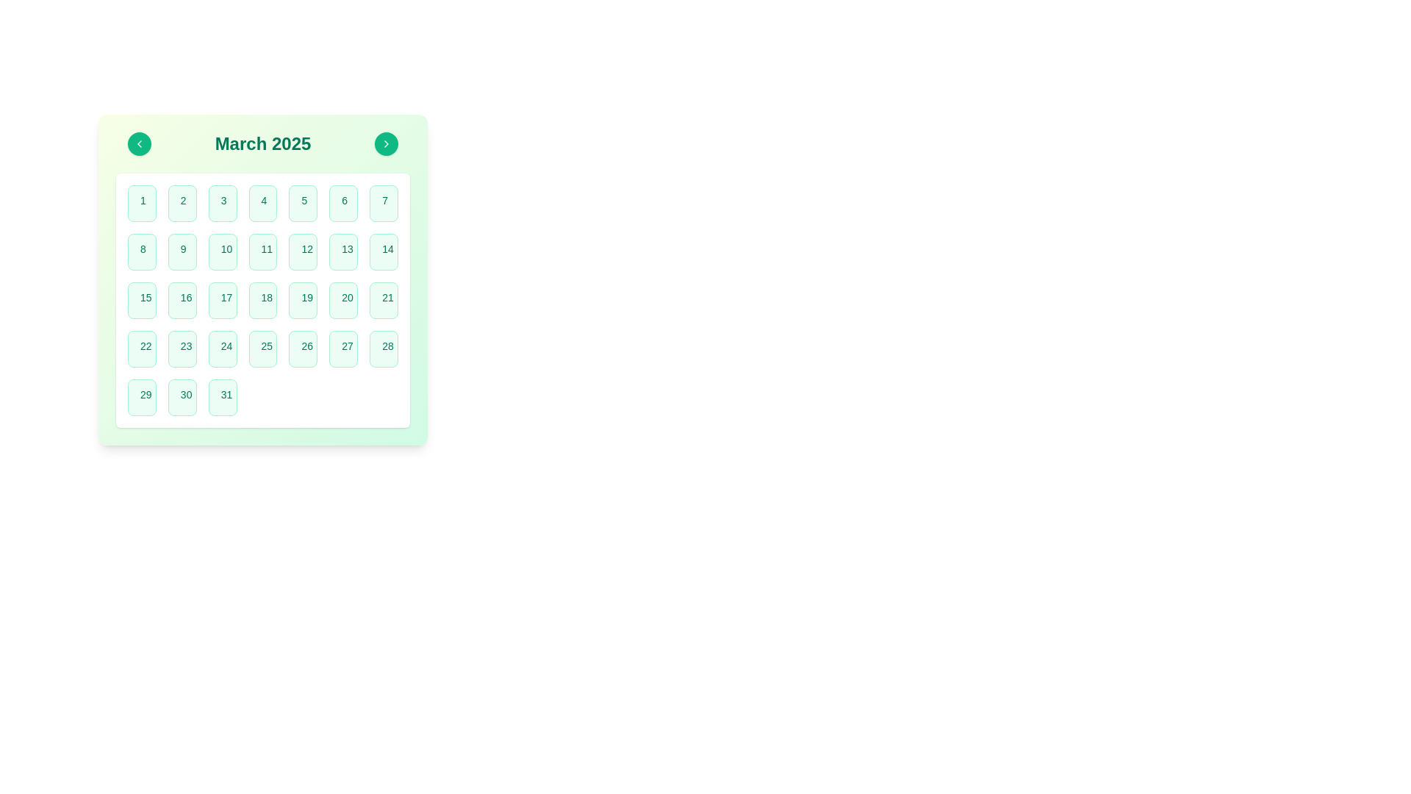 This screenshot has height=794, width=1411. What do you see at coordinates (182, 201) in the screenshot?
I see `the text label representing the second day of the month in the calendar interface` at bounding box center [182, 201].